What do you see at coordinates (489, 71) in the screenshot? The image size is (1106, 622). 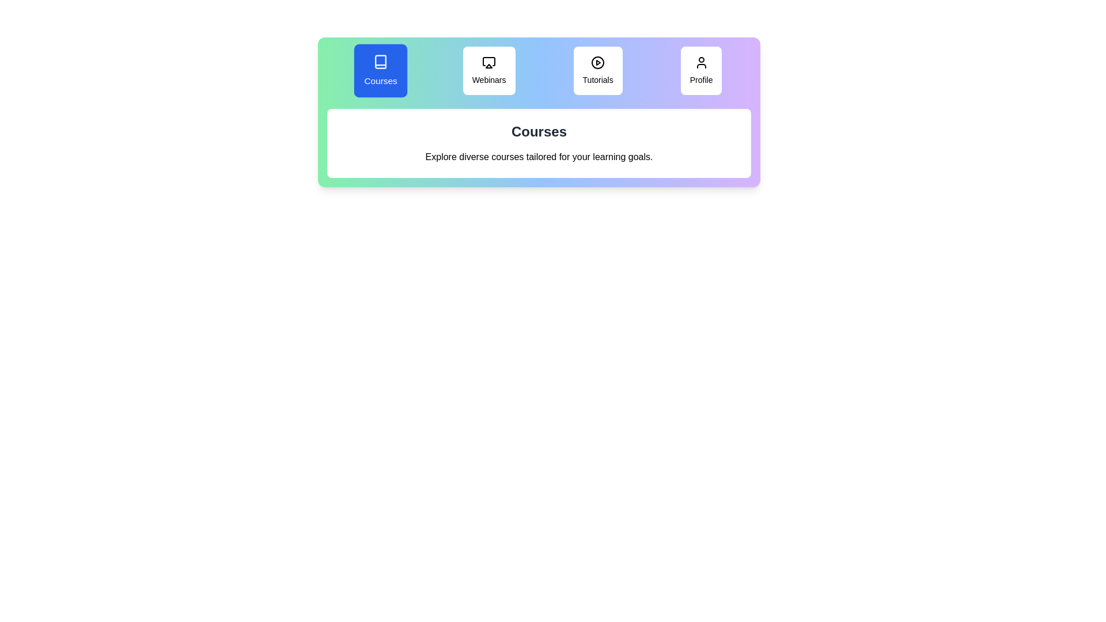 I see `the tab corresponding to Webinars to display its content` at bounding box center [489, 71].